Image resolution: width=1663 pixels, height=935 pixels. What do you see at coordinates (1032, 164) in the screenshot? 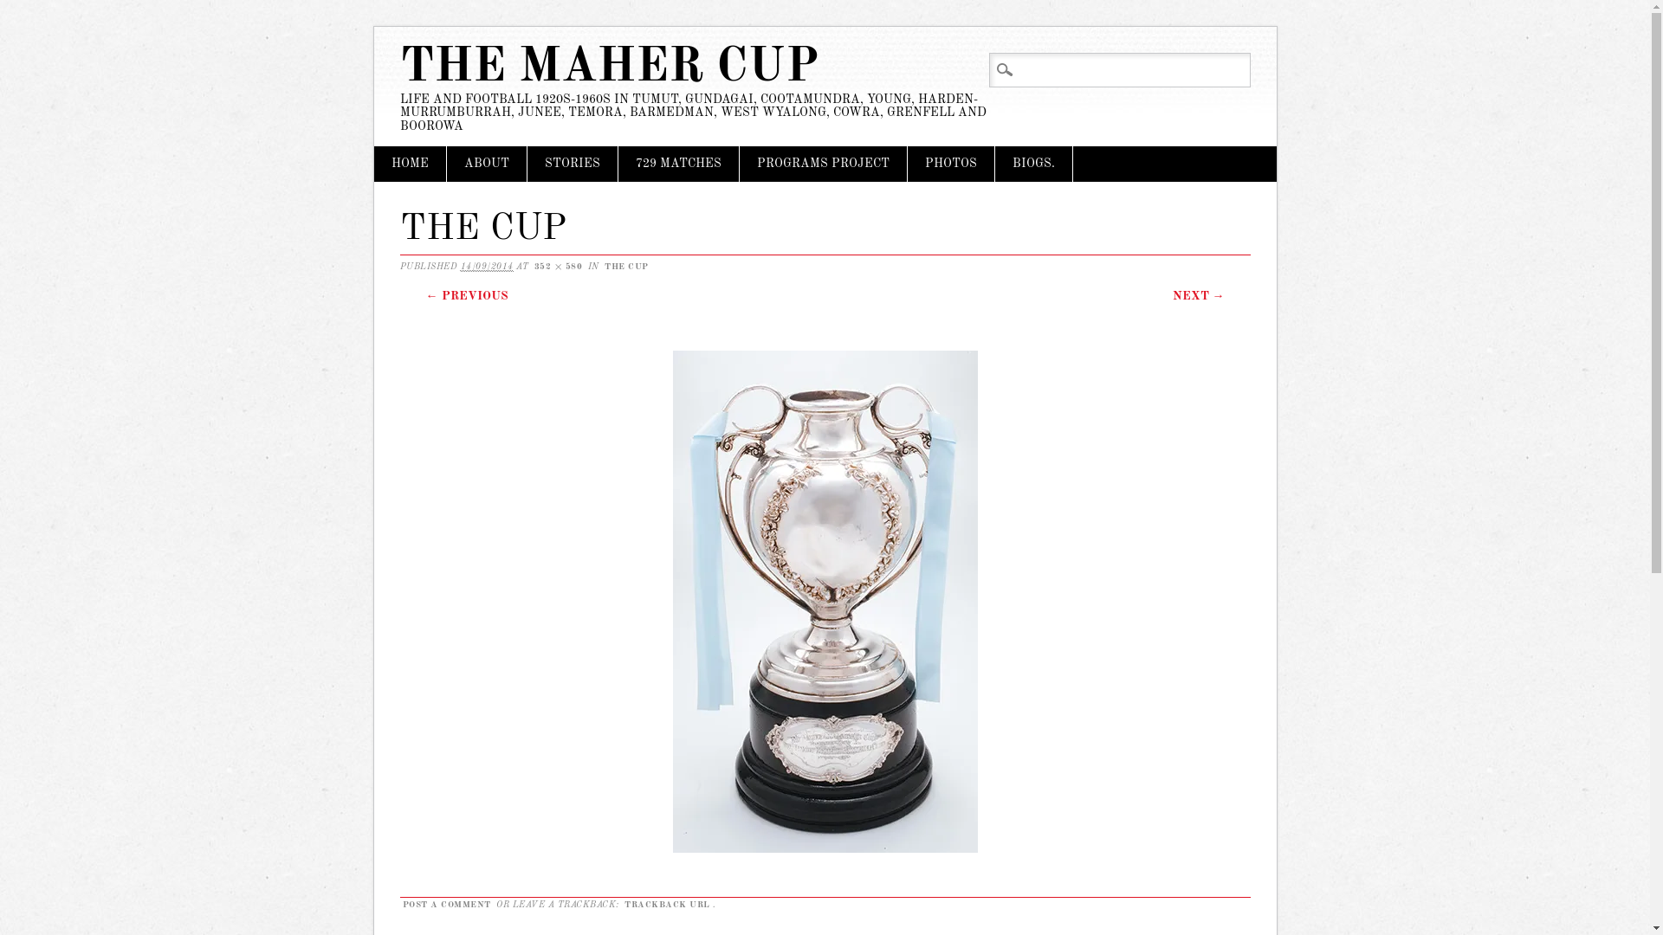
I see `'BIOGS.'` at bounding box center [1032, 164].